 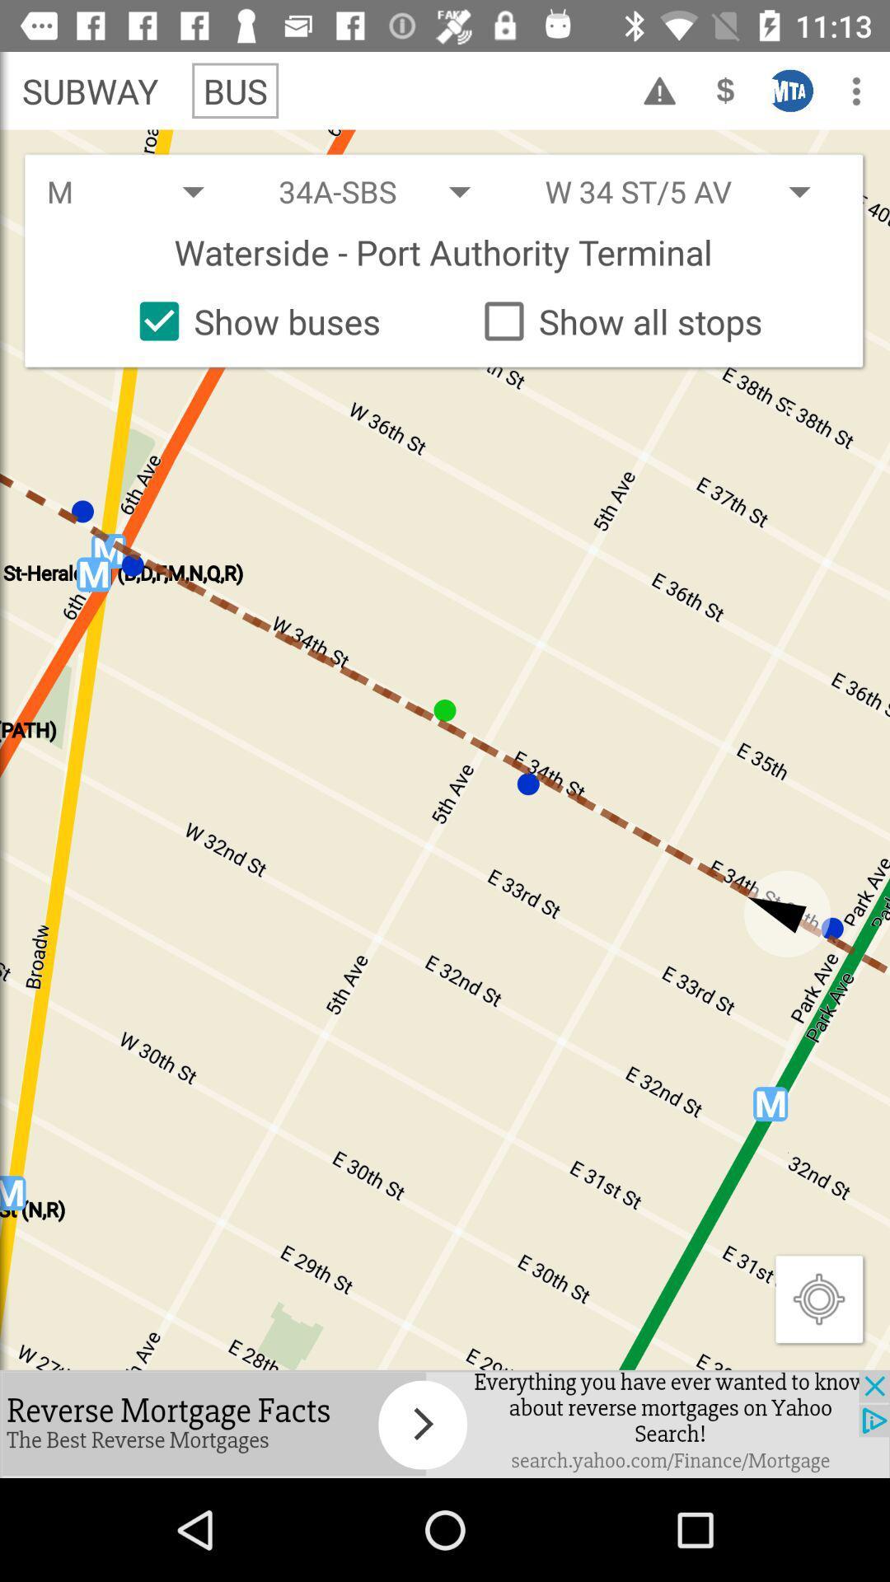 I want to click on the icon top right corner, so click(x=856, y=90).